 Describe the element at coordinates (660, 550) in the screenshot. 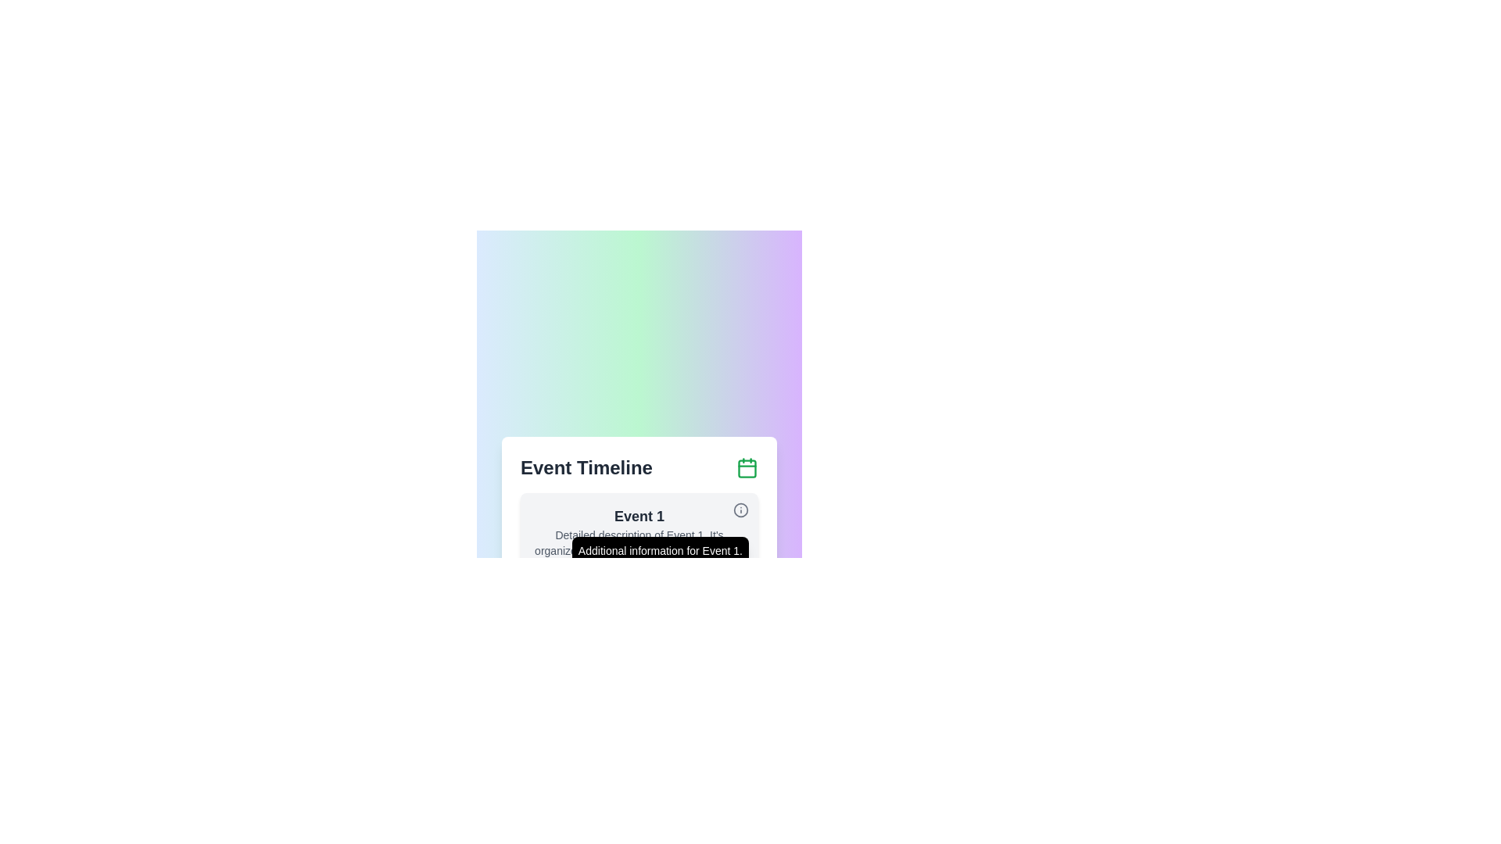

I see `the informational tooltip related to 'Event 1', which is a static text element located at the bottom right of the event card` at that location.